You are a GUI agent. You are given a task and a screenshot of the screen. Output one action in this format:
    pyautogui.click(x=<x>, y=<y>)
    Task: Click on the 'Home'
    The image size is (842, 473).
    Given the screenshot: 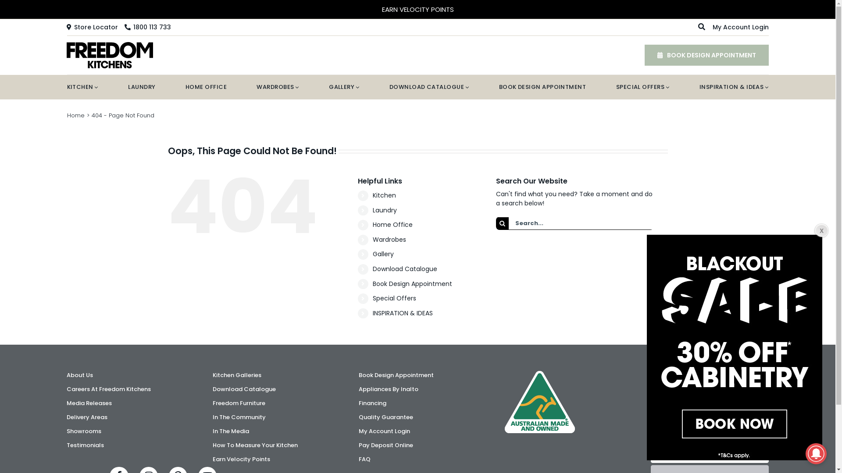 What is the action you would take?
    pyautogui.click(x=75, y=115)
    